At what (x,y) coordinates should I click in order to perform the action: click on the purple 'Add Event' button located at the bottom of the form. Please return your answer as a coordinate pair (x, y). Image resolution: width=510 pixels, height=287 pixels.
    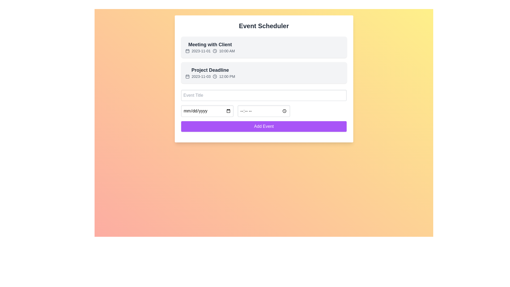
    Looking at the image, I should click on (264, 126).